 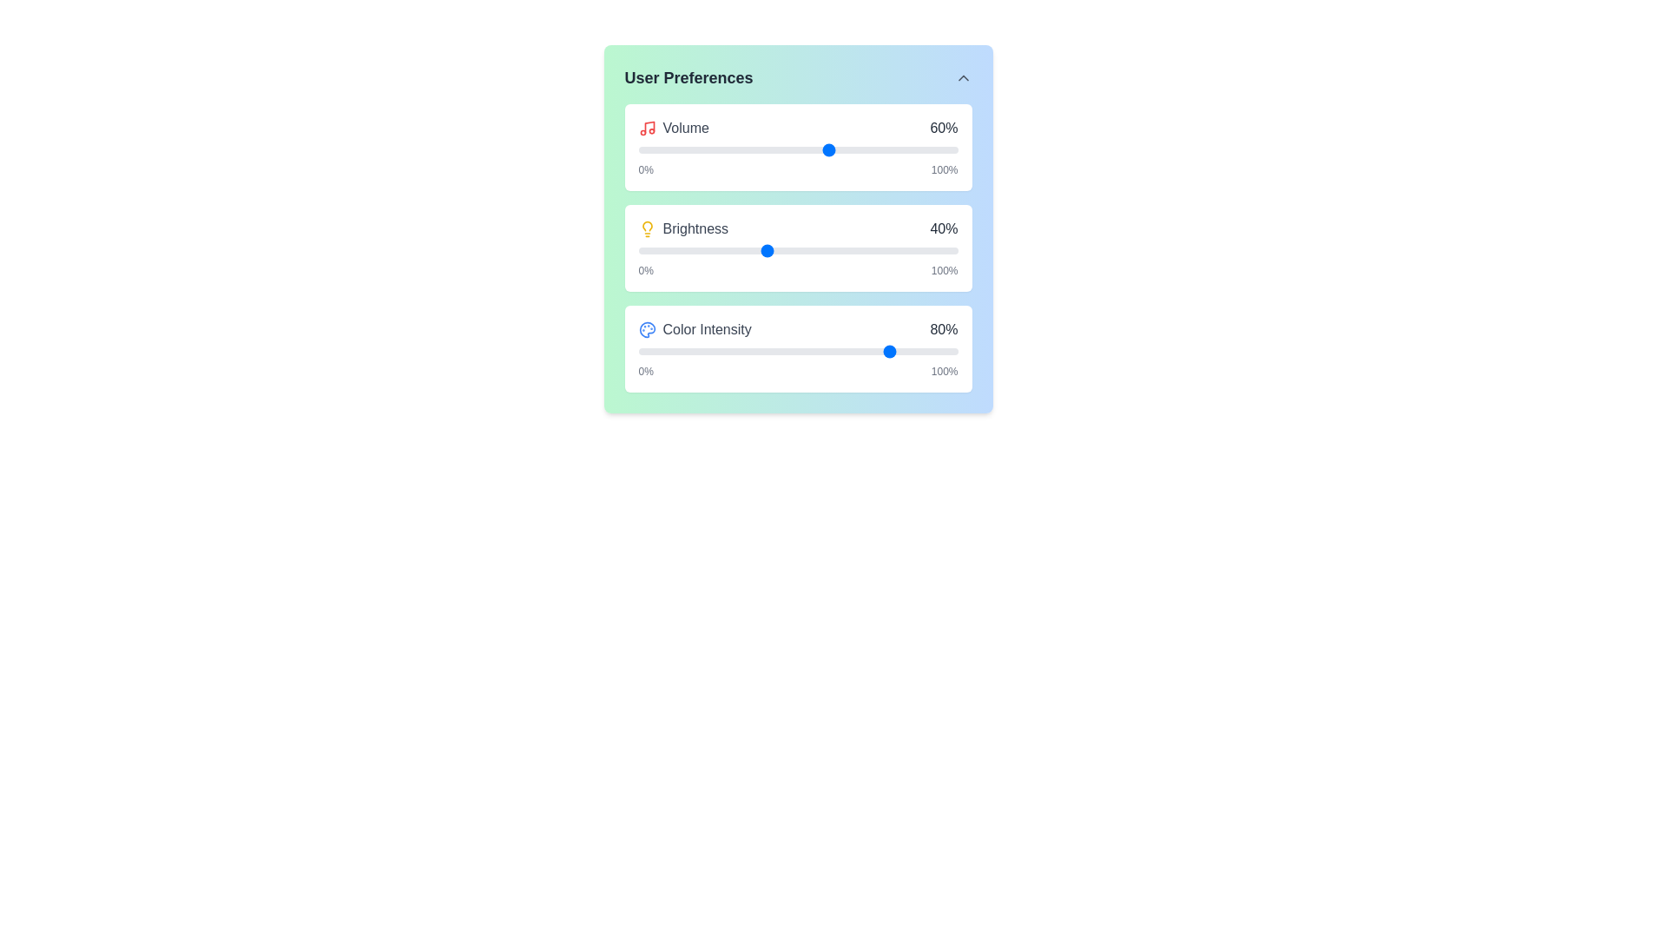 I want to click on the 'Brightness' label with the bright yellow light bulb icon located in the second row of the settings panel under 'User Preferences', so click(x=682, y=228).